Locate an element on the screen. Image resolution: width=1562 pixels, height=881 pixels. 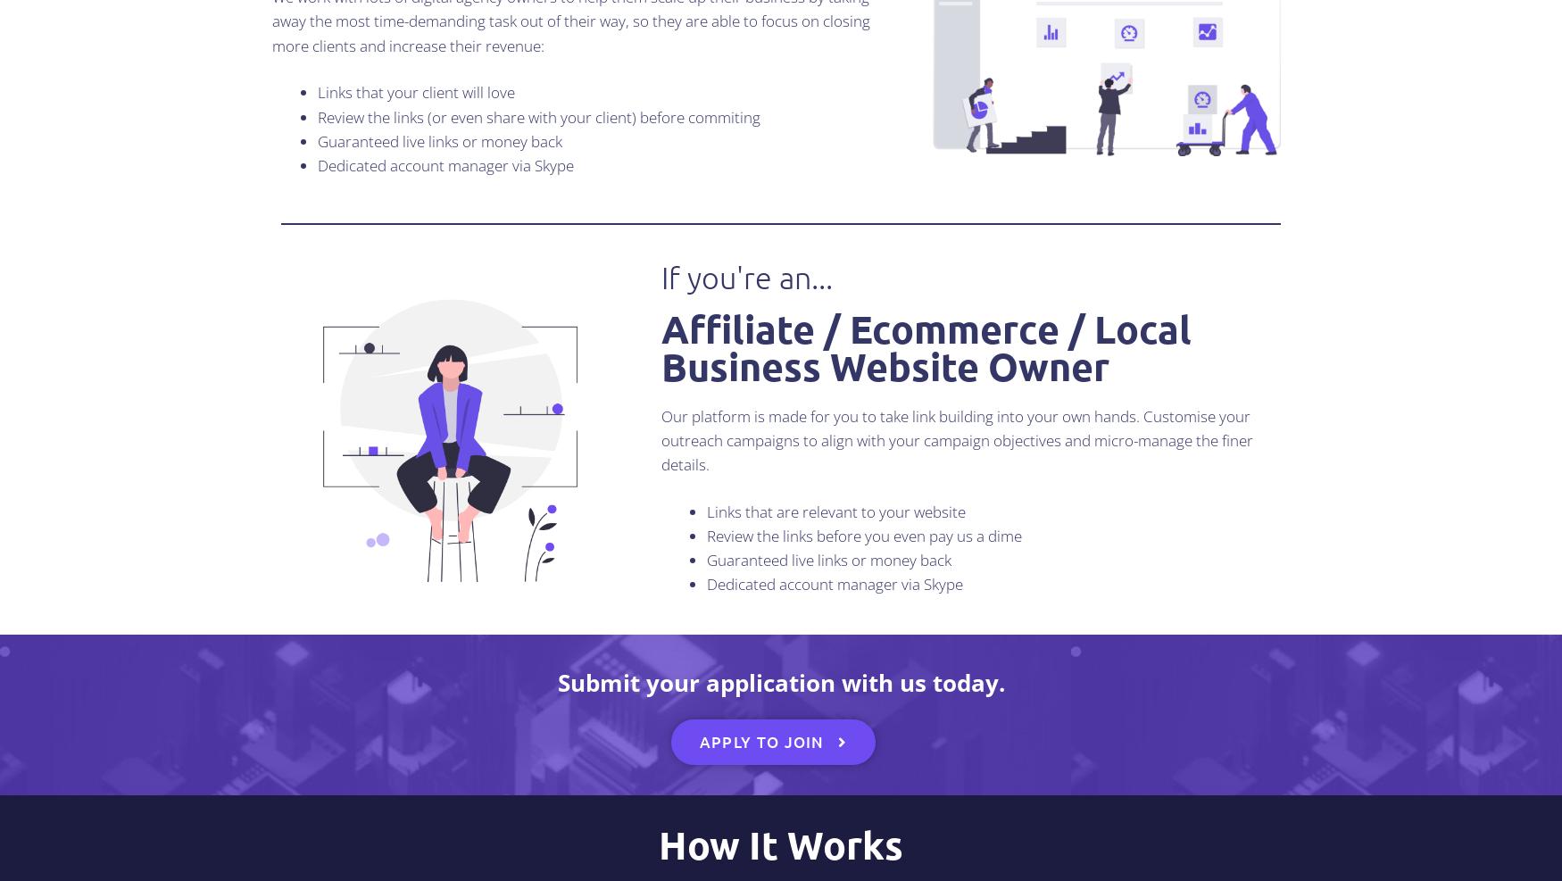
'Affiliate / Ecommerce / Local Business Website Owner' is located at coordinates (661, 346).